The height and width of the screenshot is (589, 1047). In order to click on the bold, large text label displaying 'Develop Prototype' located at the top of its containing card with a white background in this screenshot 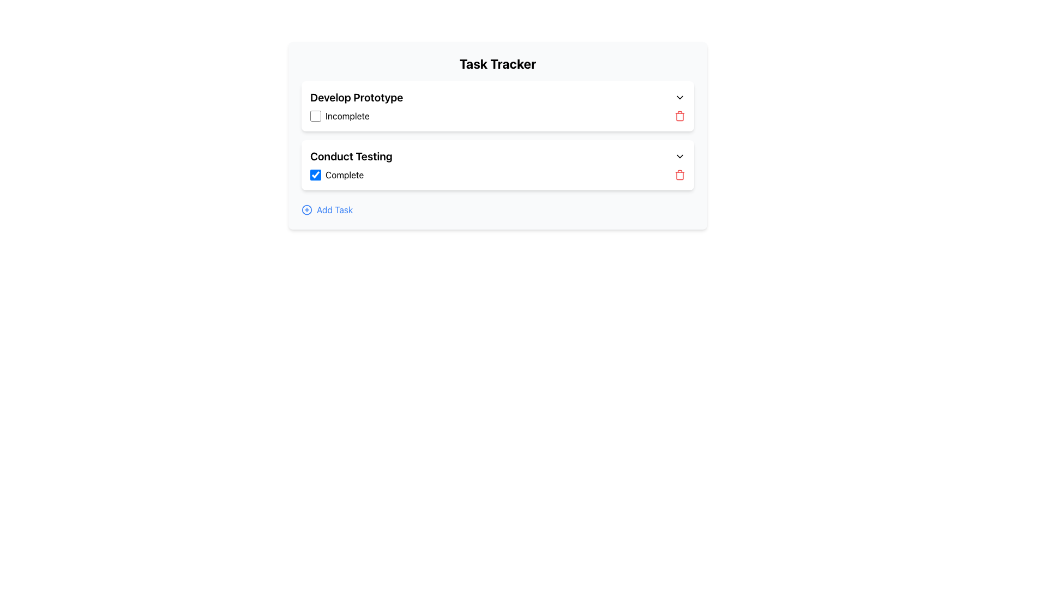, I will do `click(357, 97)`.